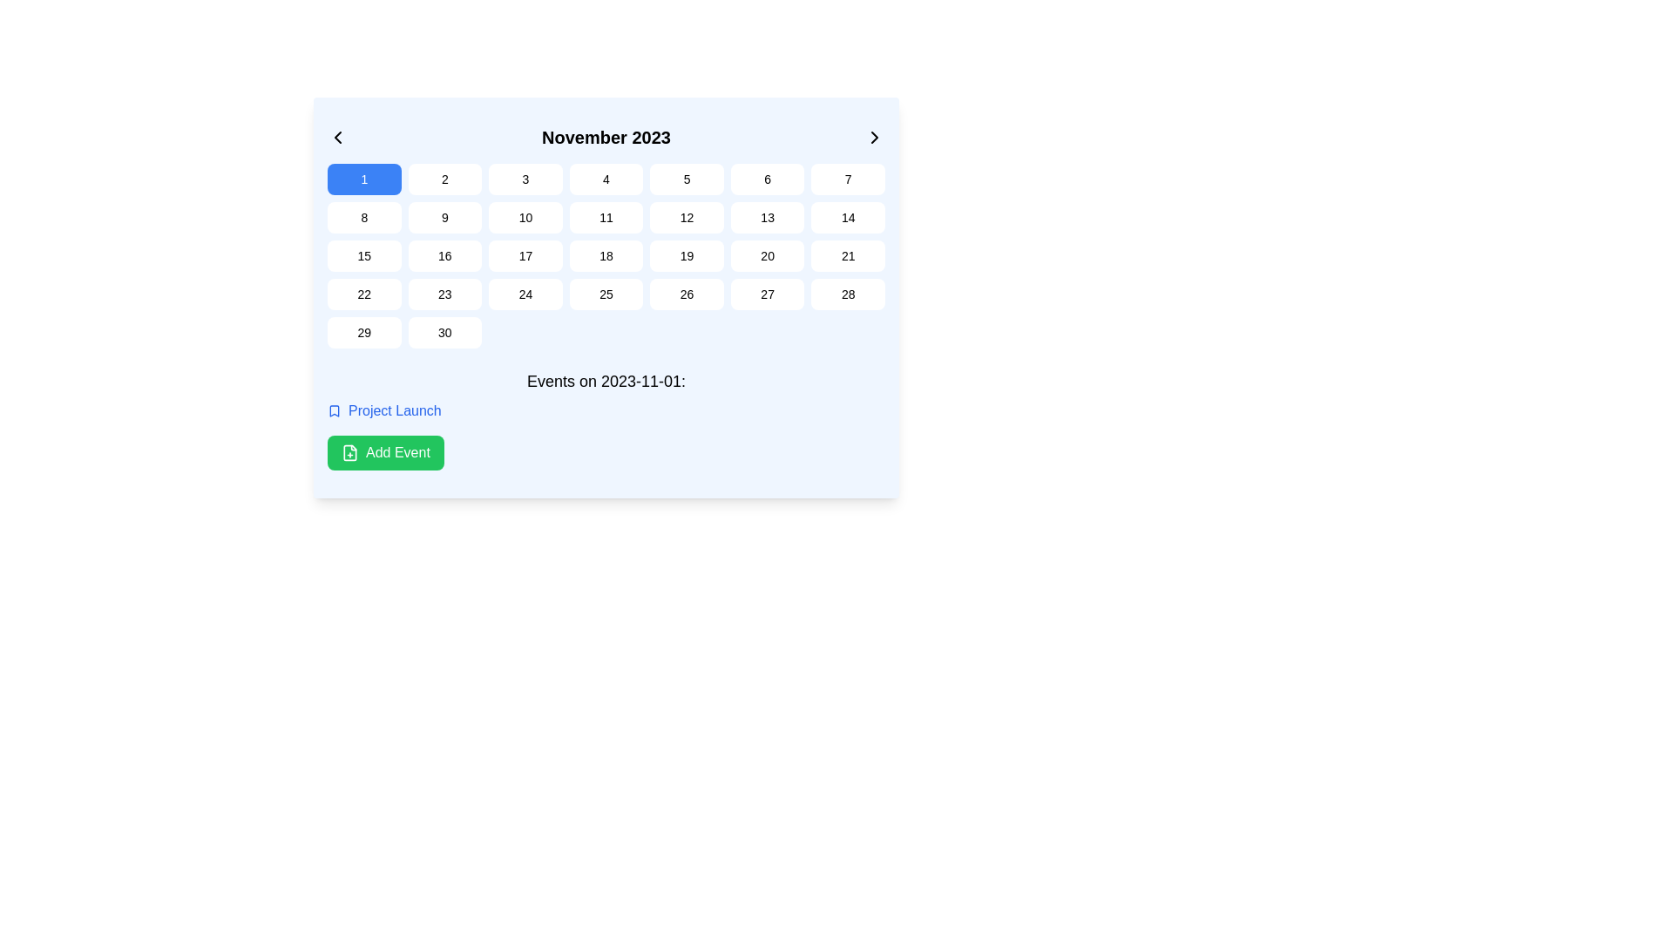 Image resolution: width=1673 pixels, height=941 pixels. I want to click on the file icon with a plus symbol located on the left segment of the green 'Add Event' button in the calendar interface, so click(349, 451).